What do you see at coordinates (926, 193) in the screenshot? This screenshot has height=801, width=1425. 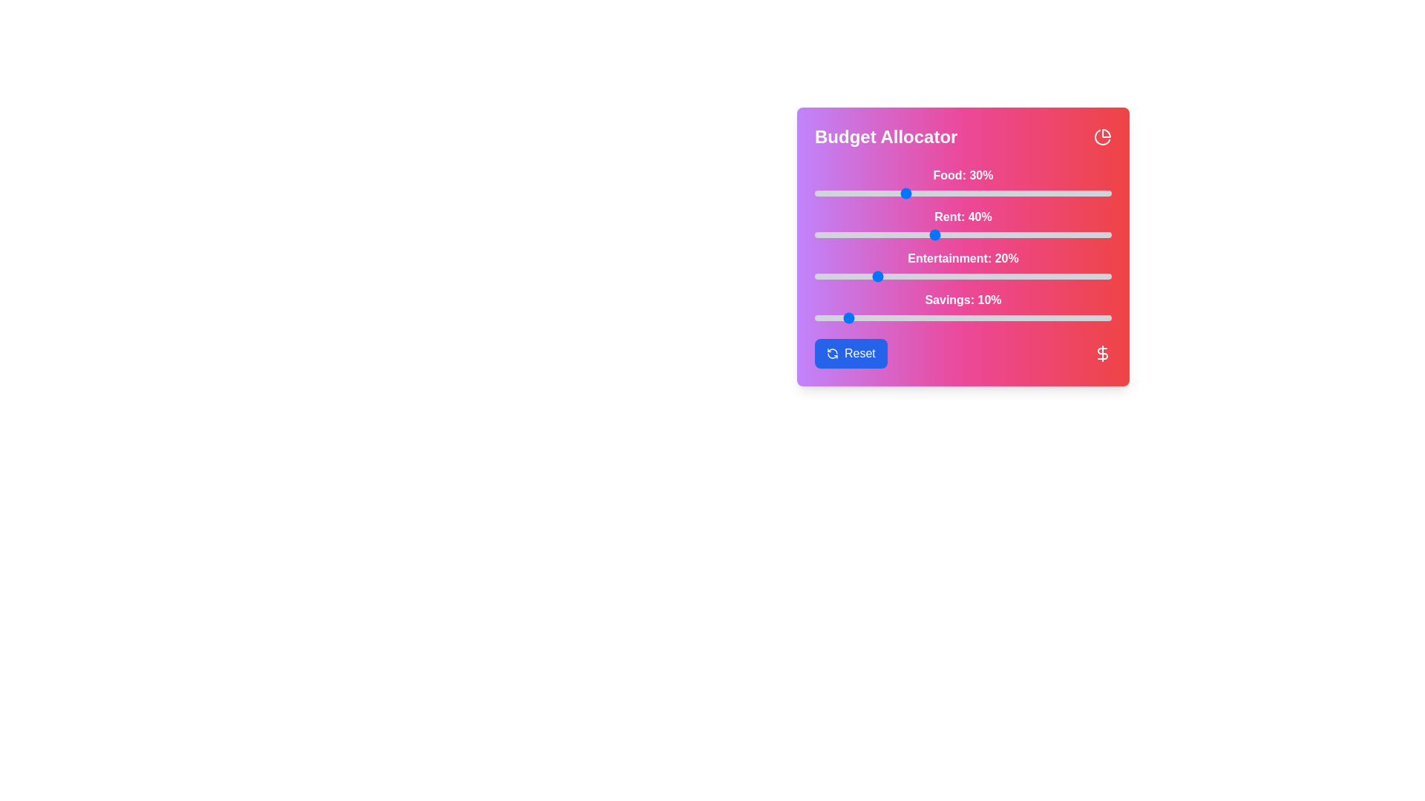 I see `'Food' slider` at bounding box center [926, 193].